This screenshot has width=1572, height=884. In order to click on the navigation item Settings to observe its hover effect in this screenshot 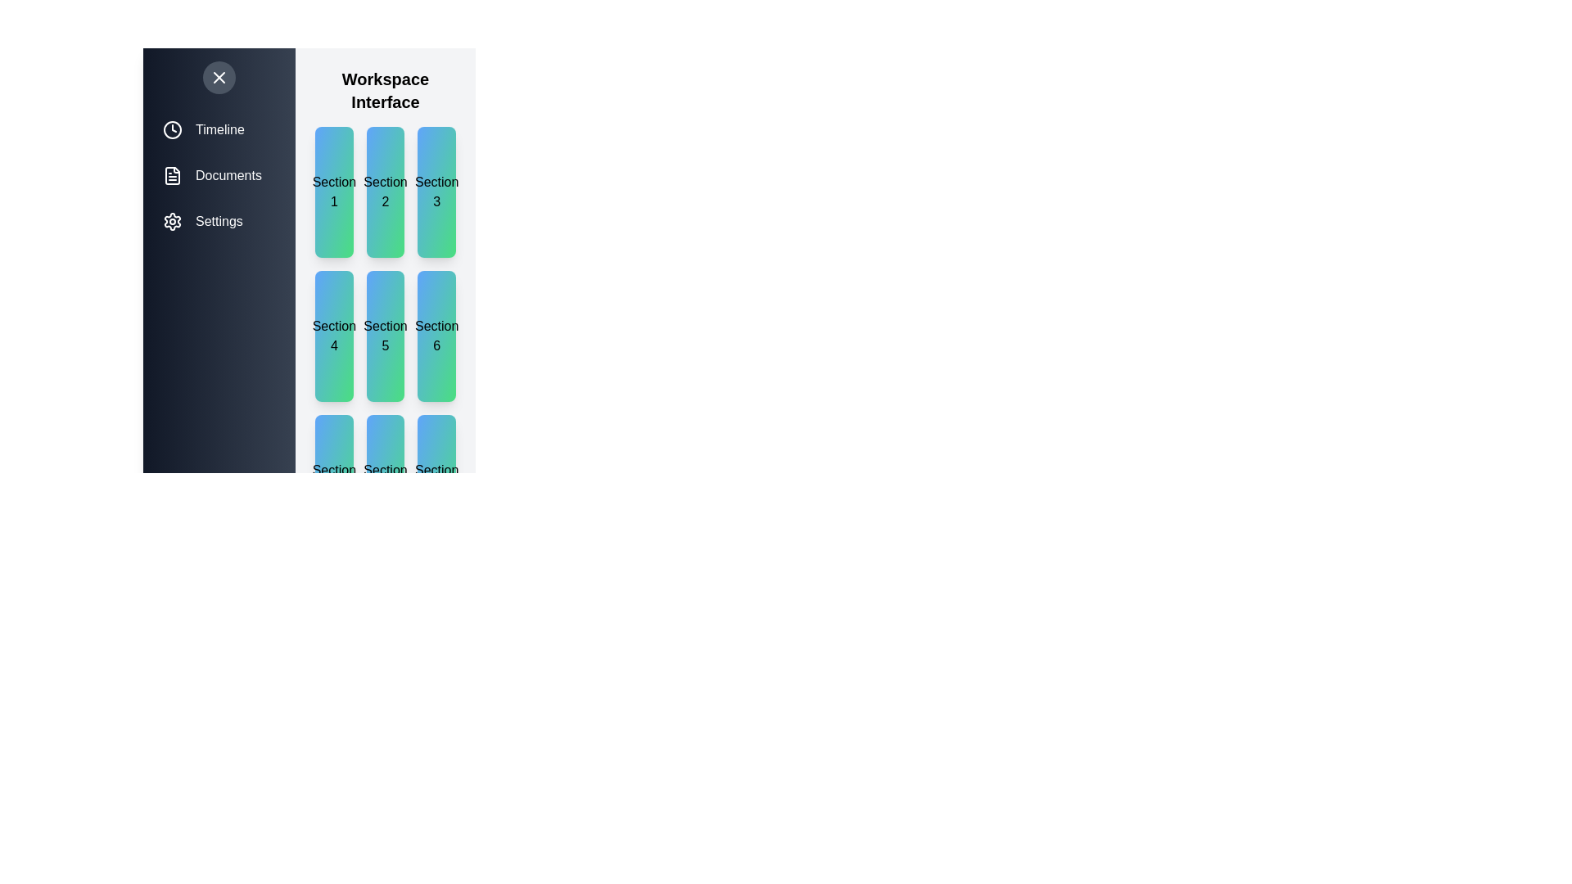, I will do `click(219, 221)`.